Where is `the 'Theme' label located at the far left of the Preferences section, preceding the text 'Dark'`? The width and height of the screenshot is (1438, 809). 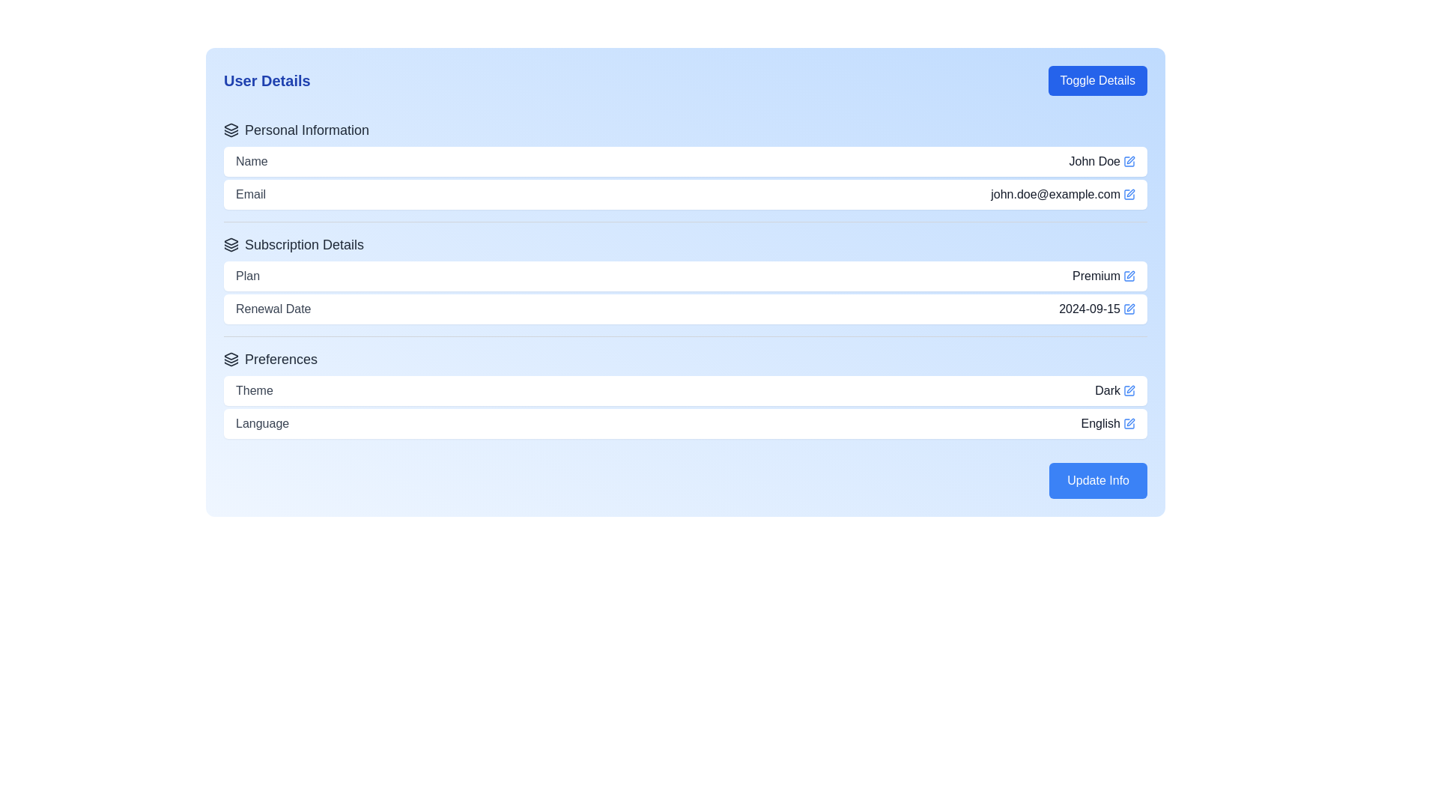
the 'Theme' label located at the far left of the Preferences section, preceding the text 'Dark' is located at coordinates (254, 390).